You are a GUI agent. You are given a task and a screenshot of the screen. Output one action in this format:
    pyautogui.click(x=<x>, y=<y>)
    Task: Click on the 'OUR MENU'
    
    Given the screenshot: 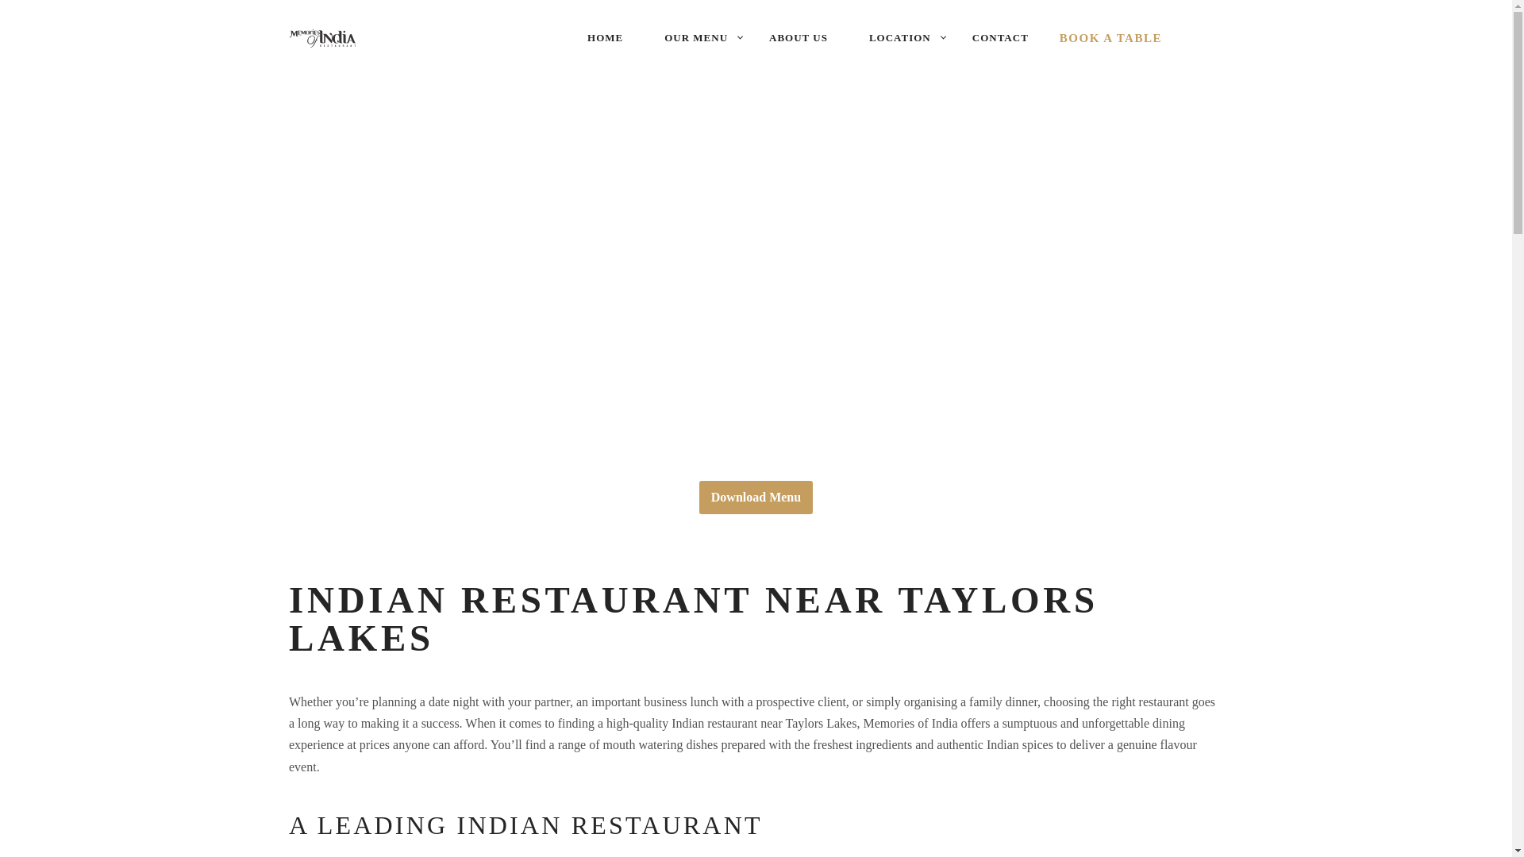 What is the action you would take?
    pyautogui.click(x=696, y=37)
    